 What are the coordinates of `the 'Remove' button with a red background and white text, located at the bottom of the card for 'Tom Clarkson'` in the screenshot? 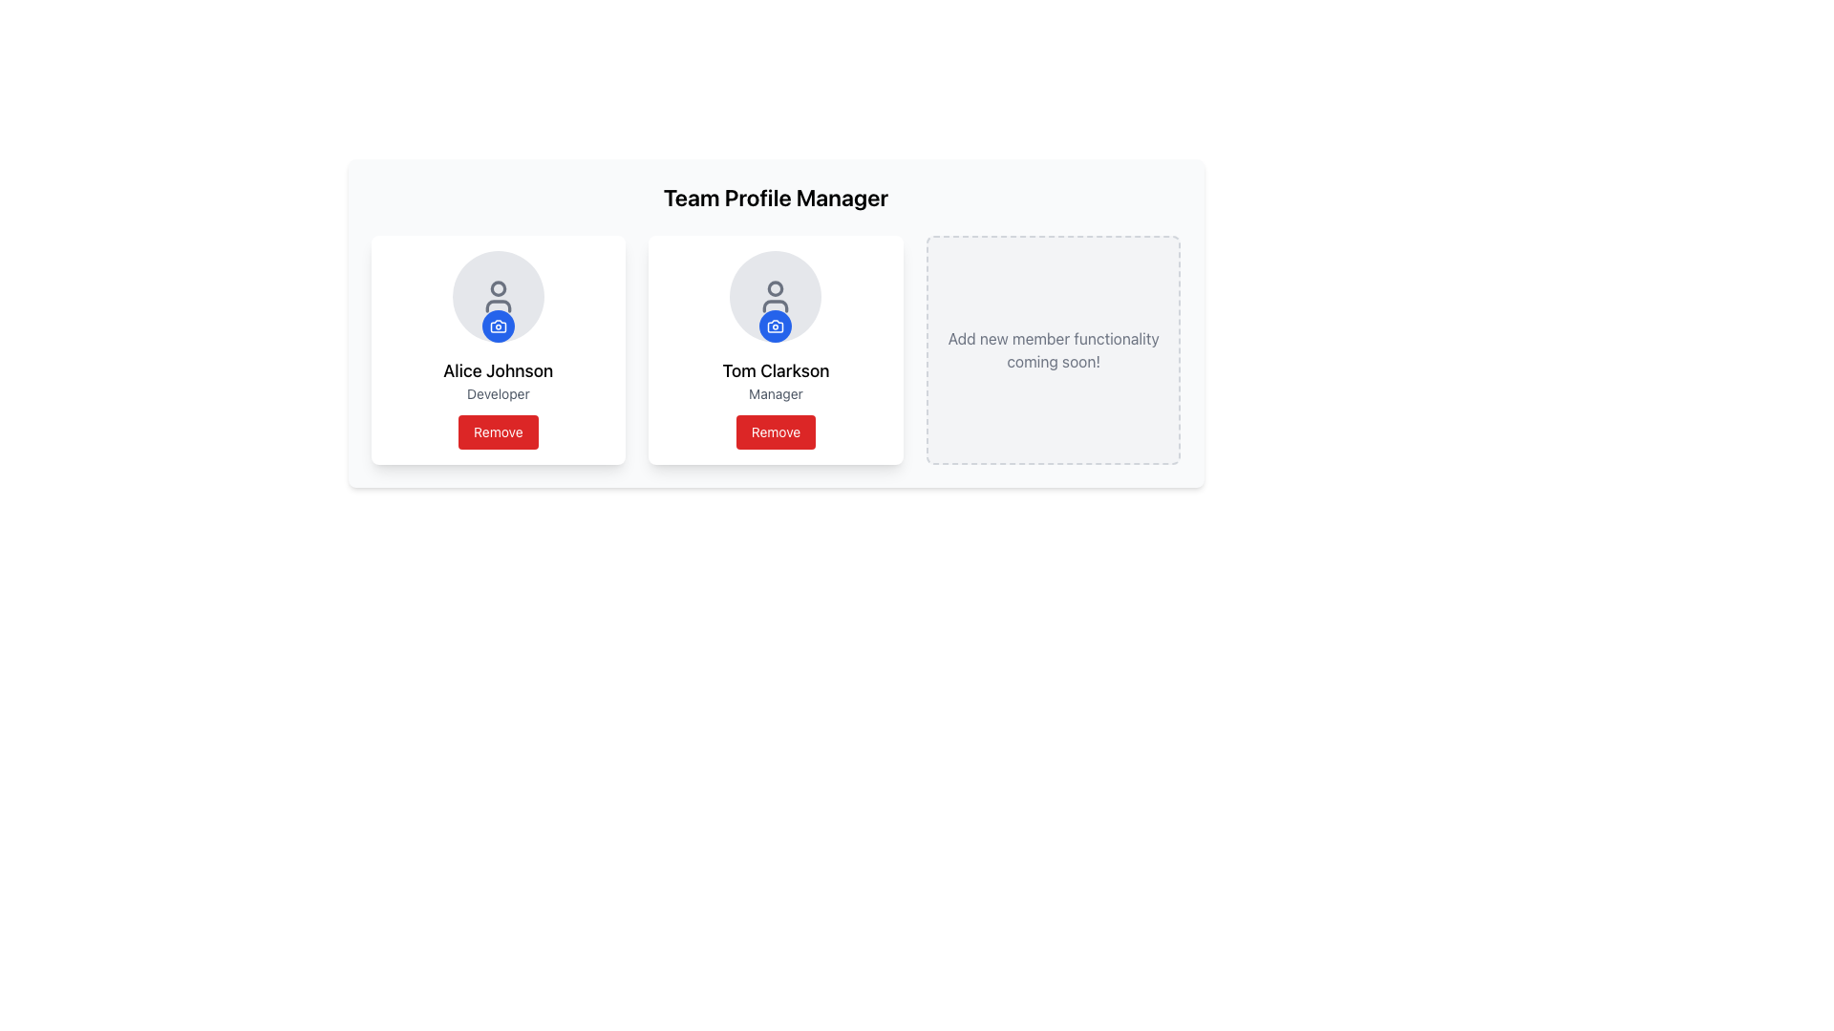 It's located at (776, 431).